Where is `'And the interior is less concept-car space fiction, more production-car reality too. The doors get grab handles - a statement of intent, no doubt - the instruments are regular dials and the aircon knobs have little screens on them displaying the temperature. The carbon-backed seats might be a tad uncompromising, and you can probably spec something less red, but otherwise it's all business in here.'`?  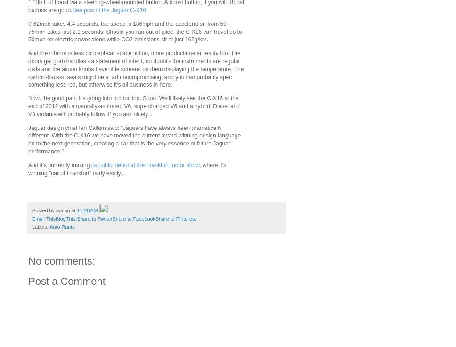
'And the interior is less concept-car space fiction, more production-car reality too. The doors get grab handles - a statement of intent, no doubt - the instruments are regular dials and the aircon knobs have little screens on them displaying the temperature. The carbon-backed seats might be a tad uncompromising, and you can probably spec something less red, but otherwise it's all business in here.' is located at coordinates (28, 69).